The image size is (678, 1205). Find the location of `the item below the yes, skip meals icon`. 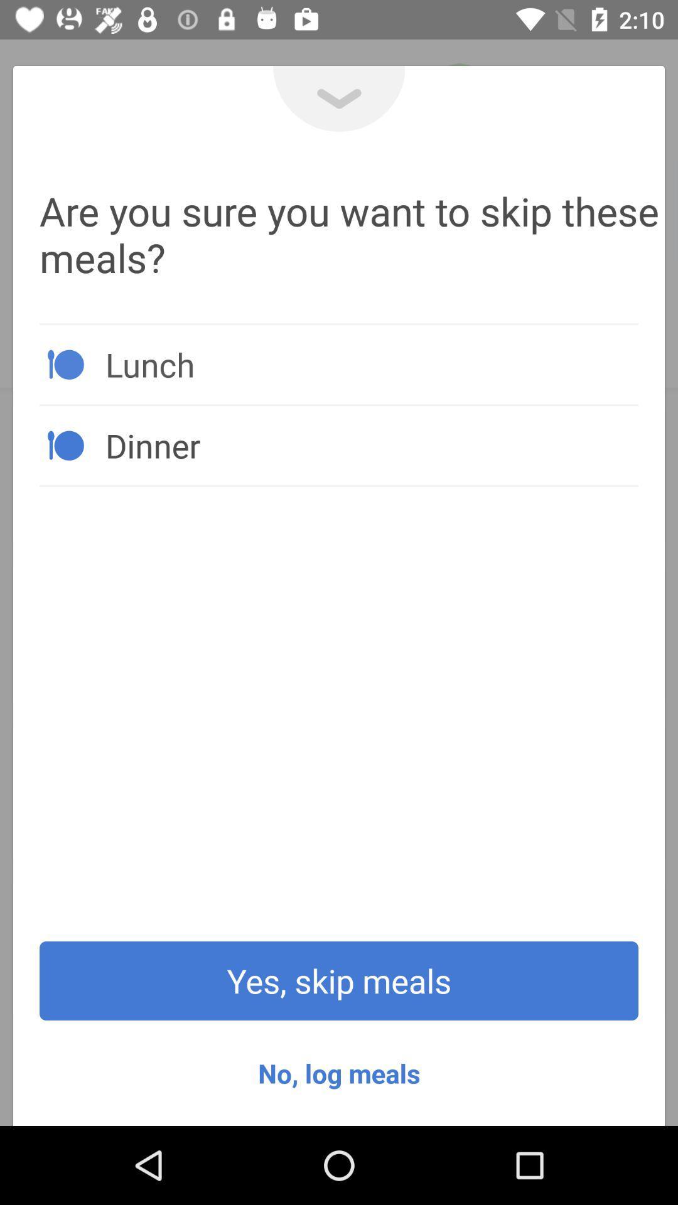

the item below the yes, skip meals icon is located at coordinates (339, 1072).